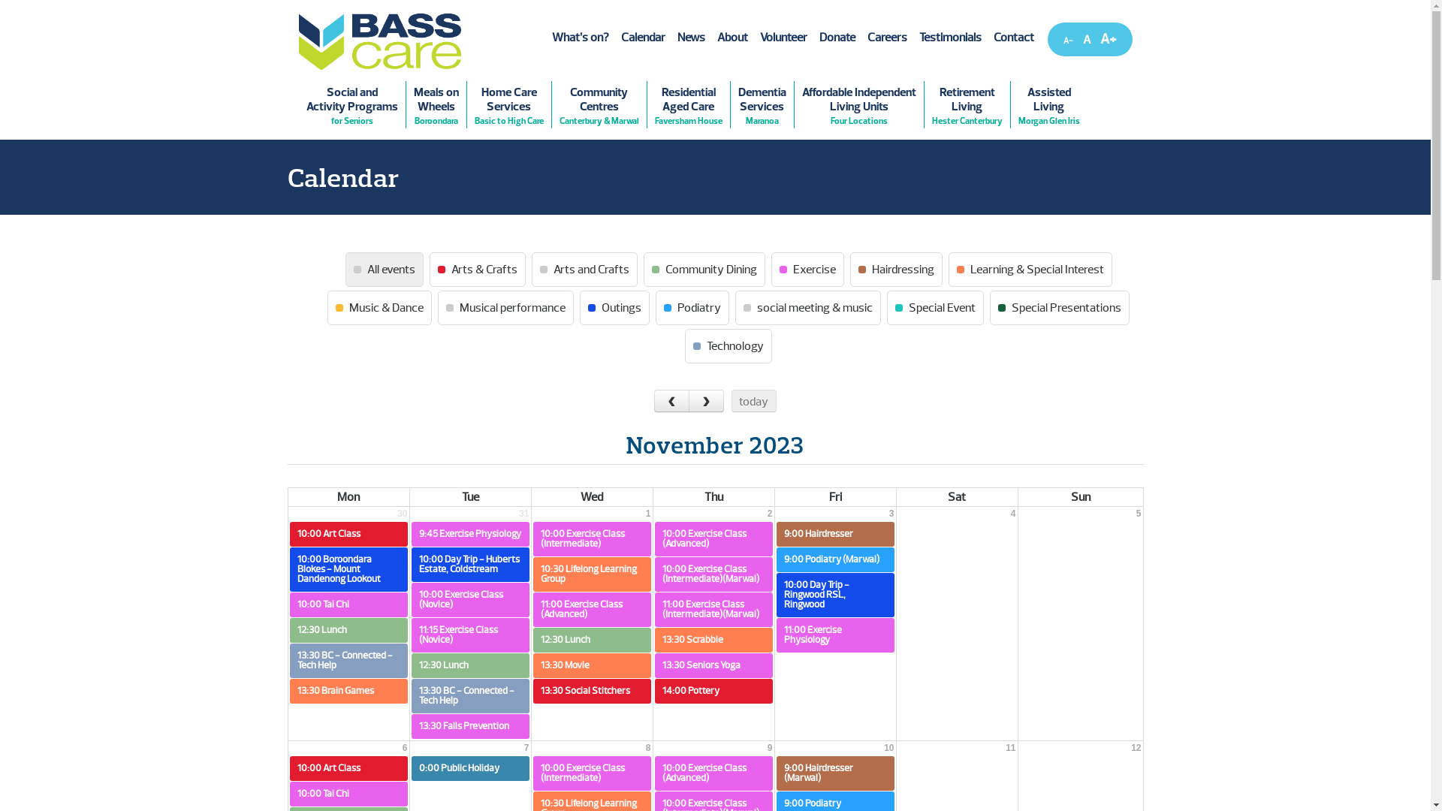  Describe the element at coordinates (783, 37) in the screenshot. I see `'Volunteer'` at that location.